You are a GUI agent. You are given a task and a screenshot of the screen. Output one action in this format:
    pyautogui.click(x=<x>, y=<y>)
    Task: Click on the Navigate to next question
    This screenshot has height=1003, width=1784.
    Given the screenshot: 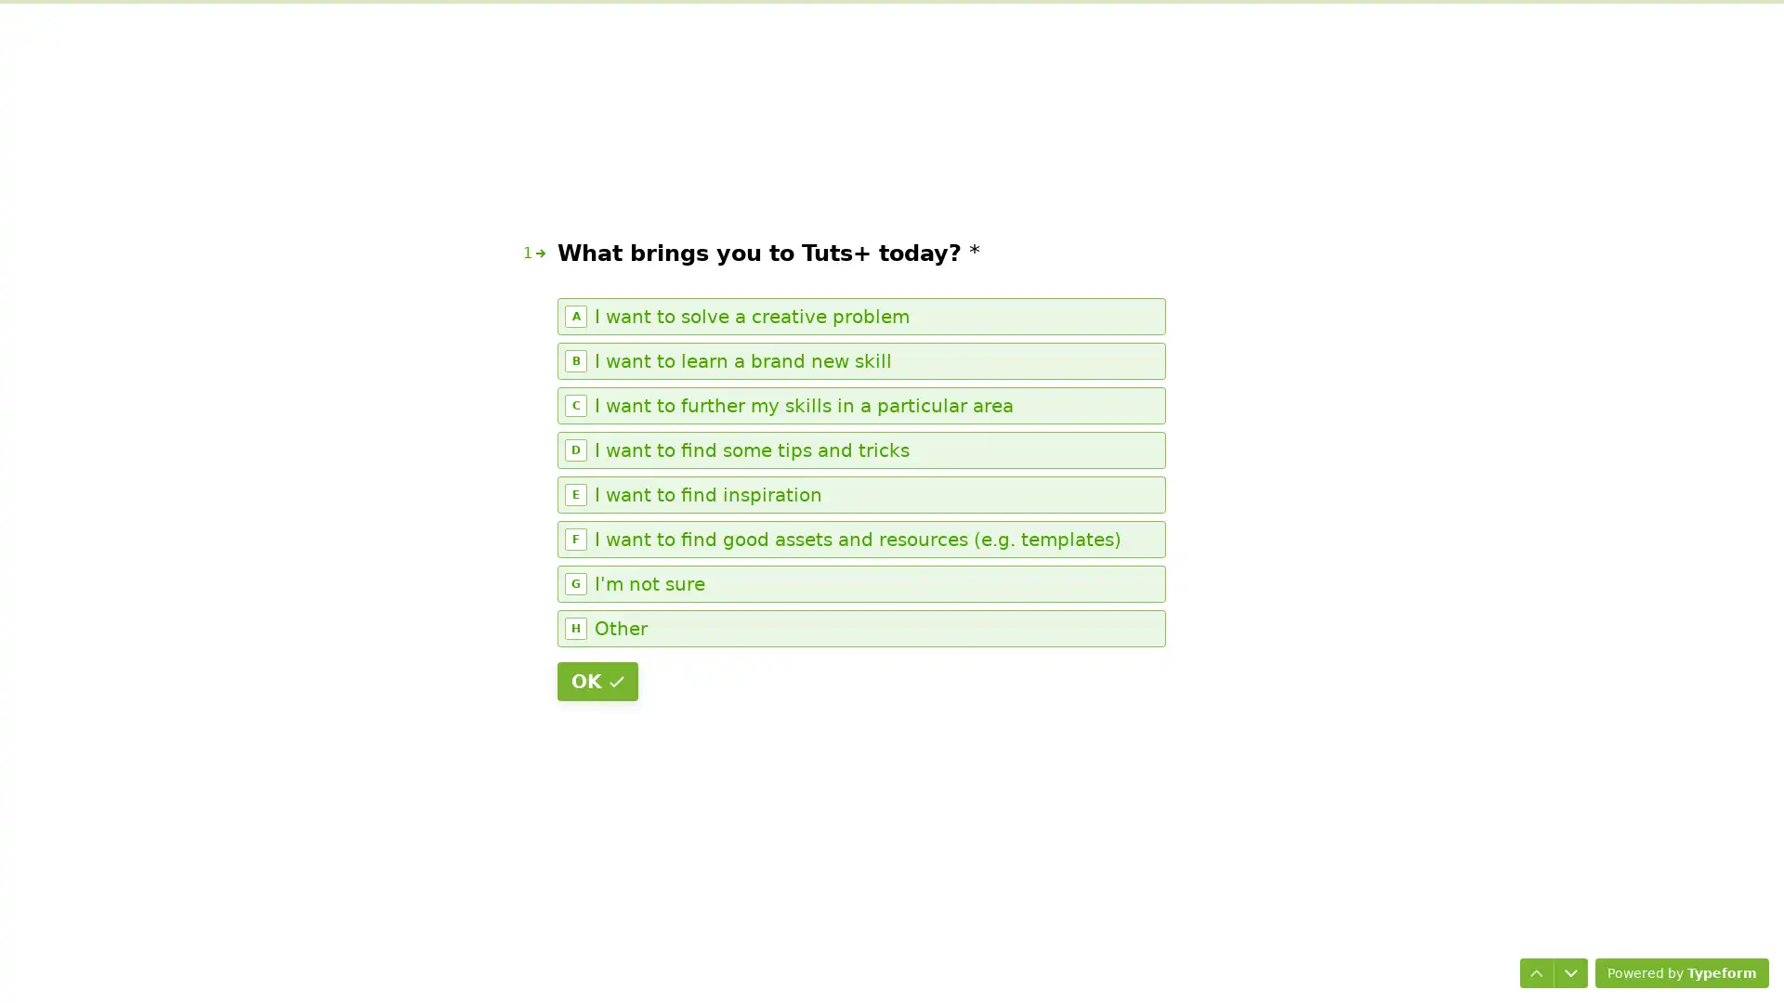 What is the action you would take?
    pyautogui.click(x=1563, y=965)
    